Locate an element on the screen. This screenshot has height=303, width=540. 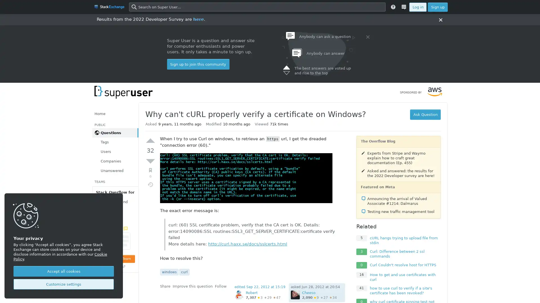
Customize settings is located at coordinates (64, 284).